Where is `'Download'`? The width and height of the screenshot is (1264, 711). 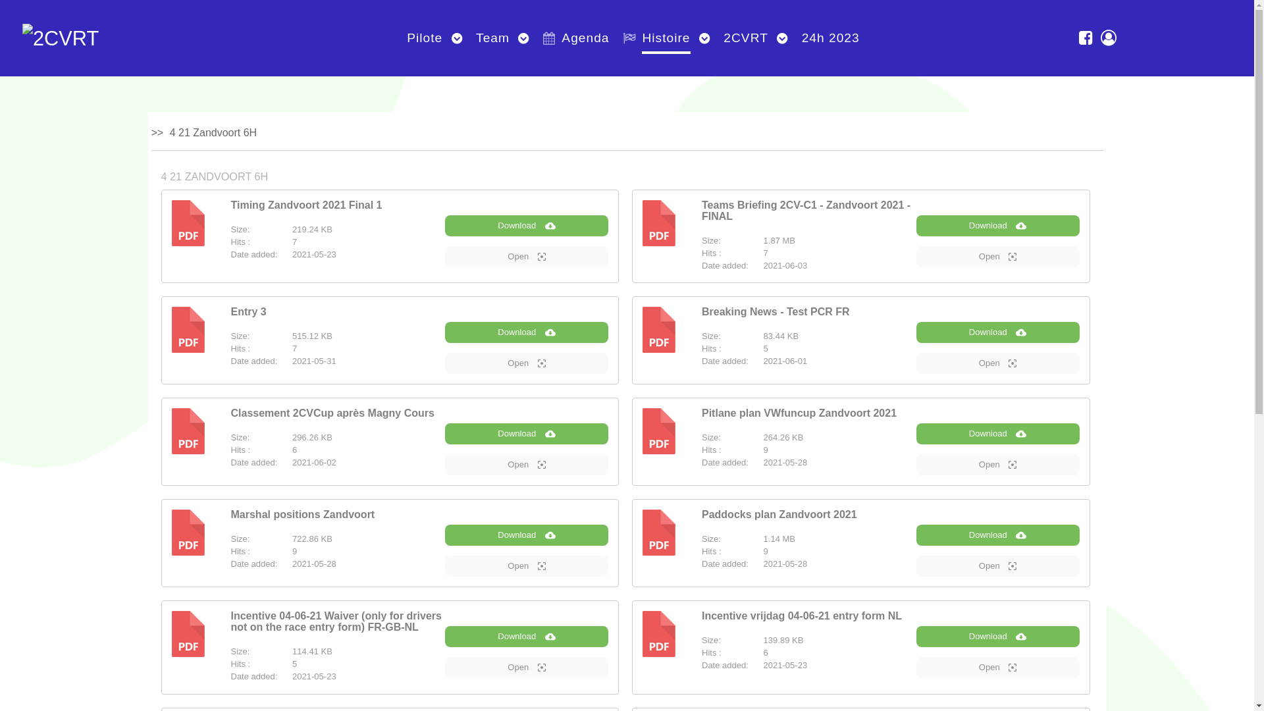
'Download' is located at coordinates (998, 434).